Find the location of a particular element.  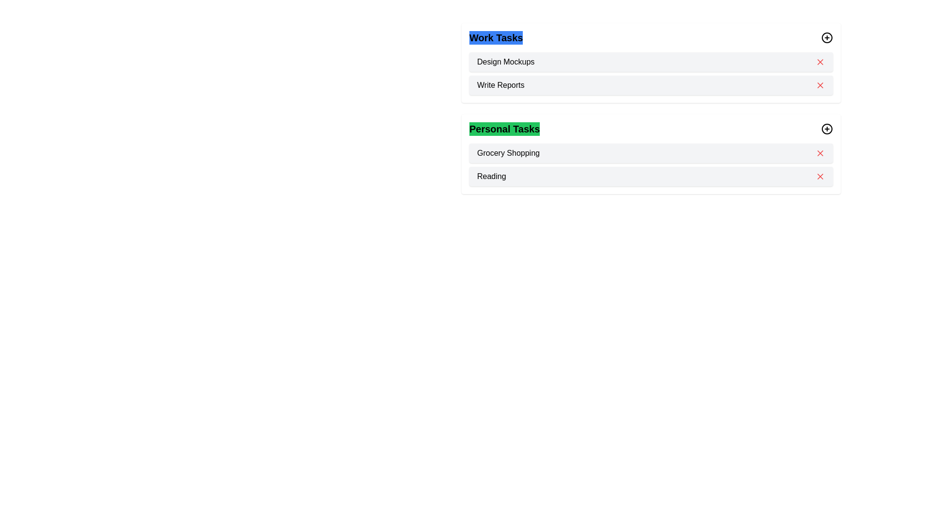

the task Reading from the category Personal by clicking the 'X' icon next to the task is located at coordinates (819, 176).